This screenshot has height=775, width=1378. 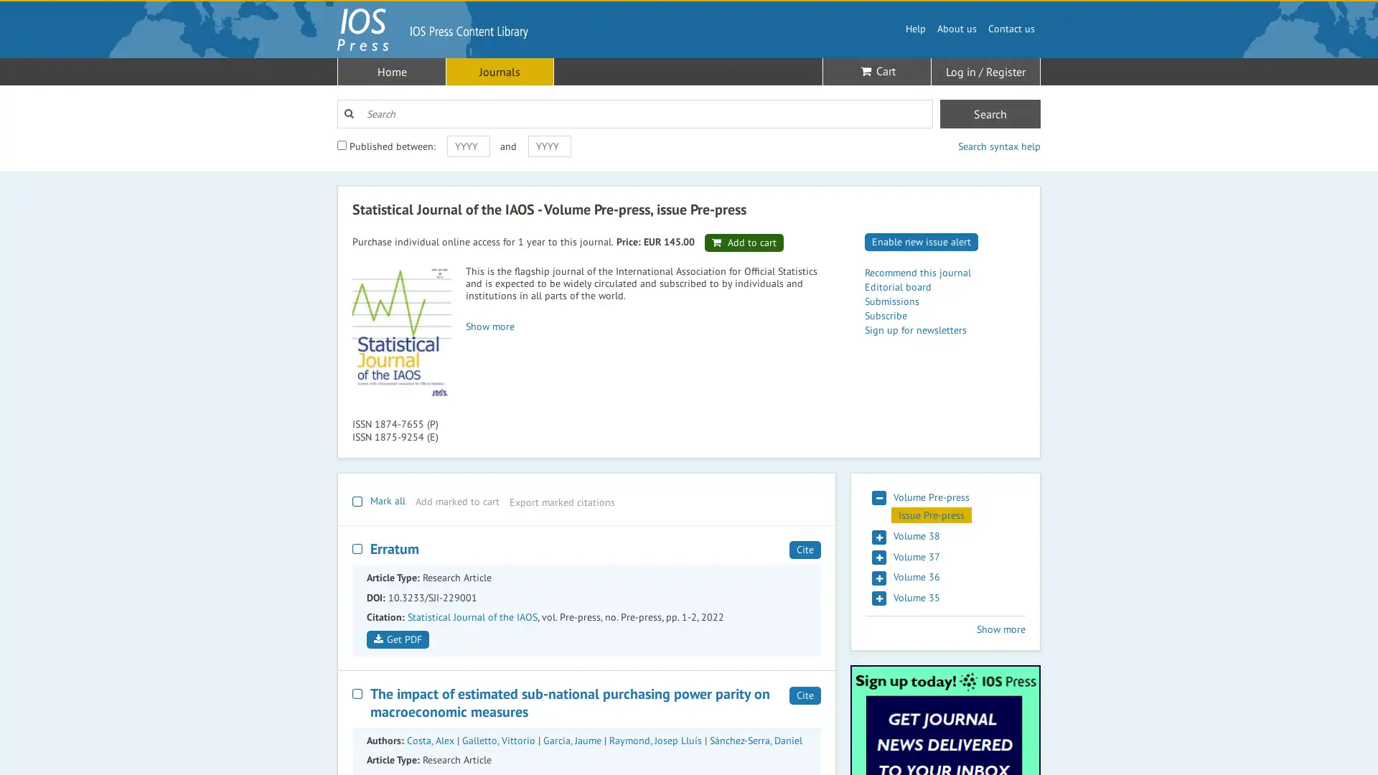 I want to click on Volume 38, so click(x=905, y=537).